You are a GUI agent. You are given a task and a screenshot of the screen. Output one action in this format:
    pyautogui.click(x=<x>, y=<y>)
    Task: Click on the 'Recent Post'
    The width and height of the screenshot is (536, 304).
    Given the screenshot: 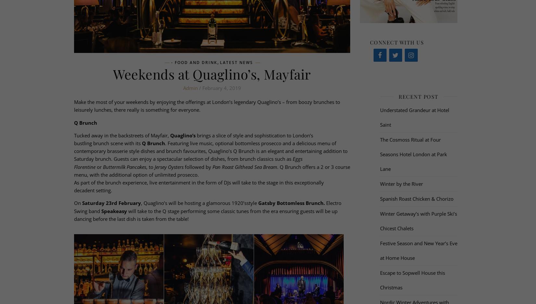 What is the action you would take?
    pyautogui.click(x=418, y=96)
    